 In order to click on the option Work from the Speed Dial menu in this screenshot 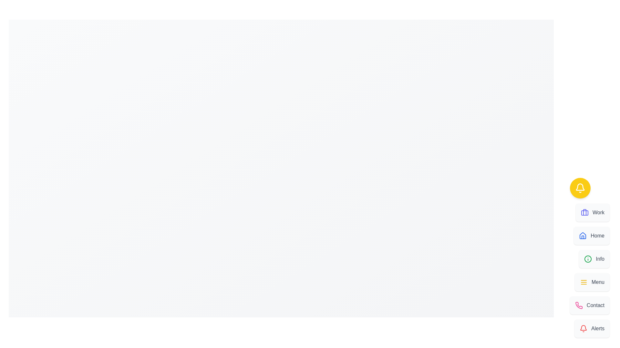, I will do `click(593, 212)`.